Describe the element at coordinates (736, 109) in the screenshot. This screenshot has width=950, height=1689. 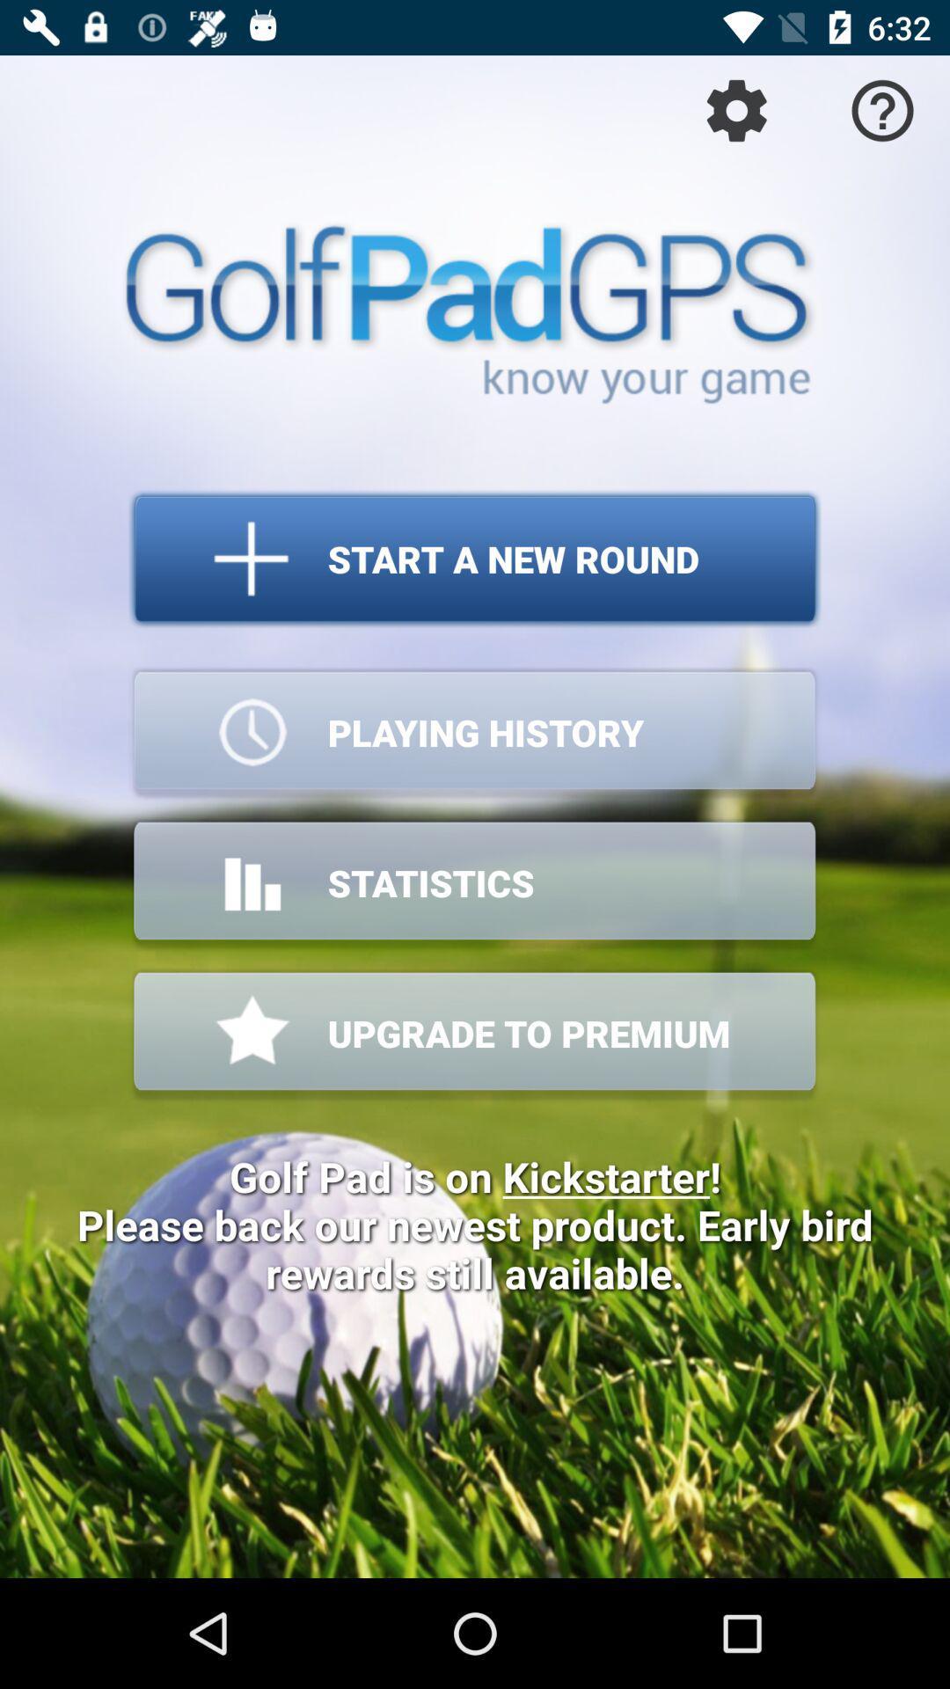
I see `the settings icon` at that location.